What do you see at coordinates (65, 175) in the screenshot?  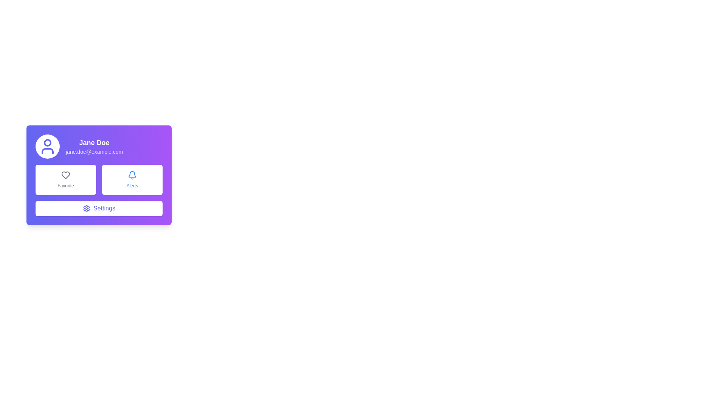 I see `the heart icon, which is a minimalist dark gray SVG graphic positioned above the 'Favorite' label, to potentially favorite or unfavorite an item` at bounding box center [65, 175].